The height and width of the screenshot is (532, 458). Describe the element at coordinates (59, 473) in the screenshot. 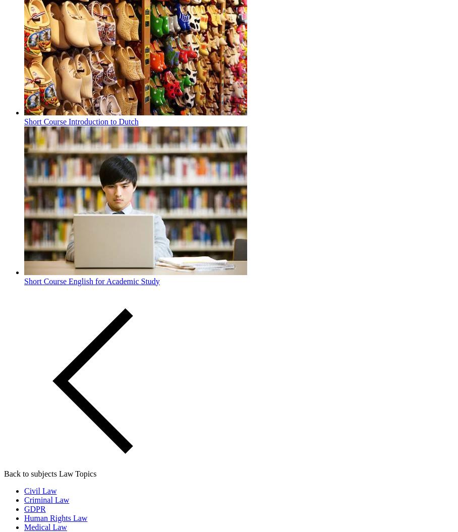

I see `'Law Topics'` at that location.